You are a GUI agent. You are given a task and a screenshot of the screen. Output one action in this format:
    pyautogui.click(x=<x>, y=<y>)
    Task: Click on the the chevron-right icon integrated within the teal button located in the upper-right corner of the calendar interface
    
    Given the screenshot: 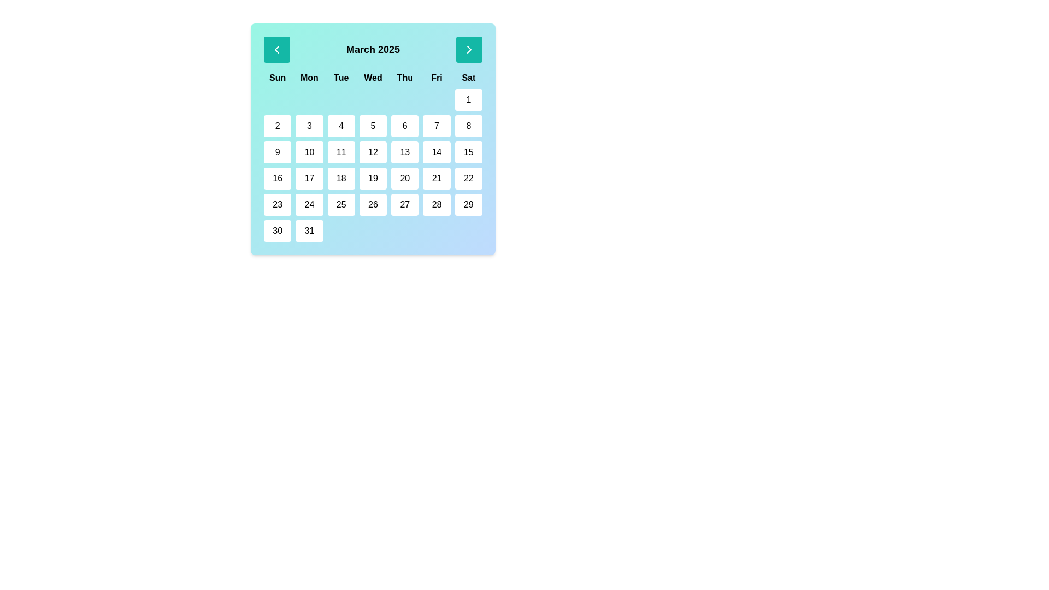 What is the action you would take?
    pyautogui.click(x=469, y=50)
    